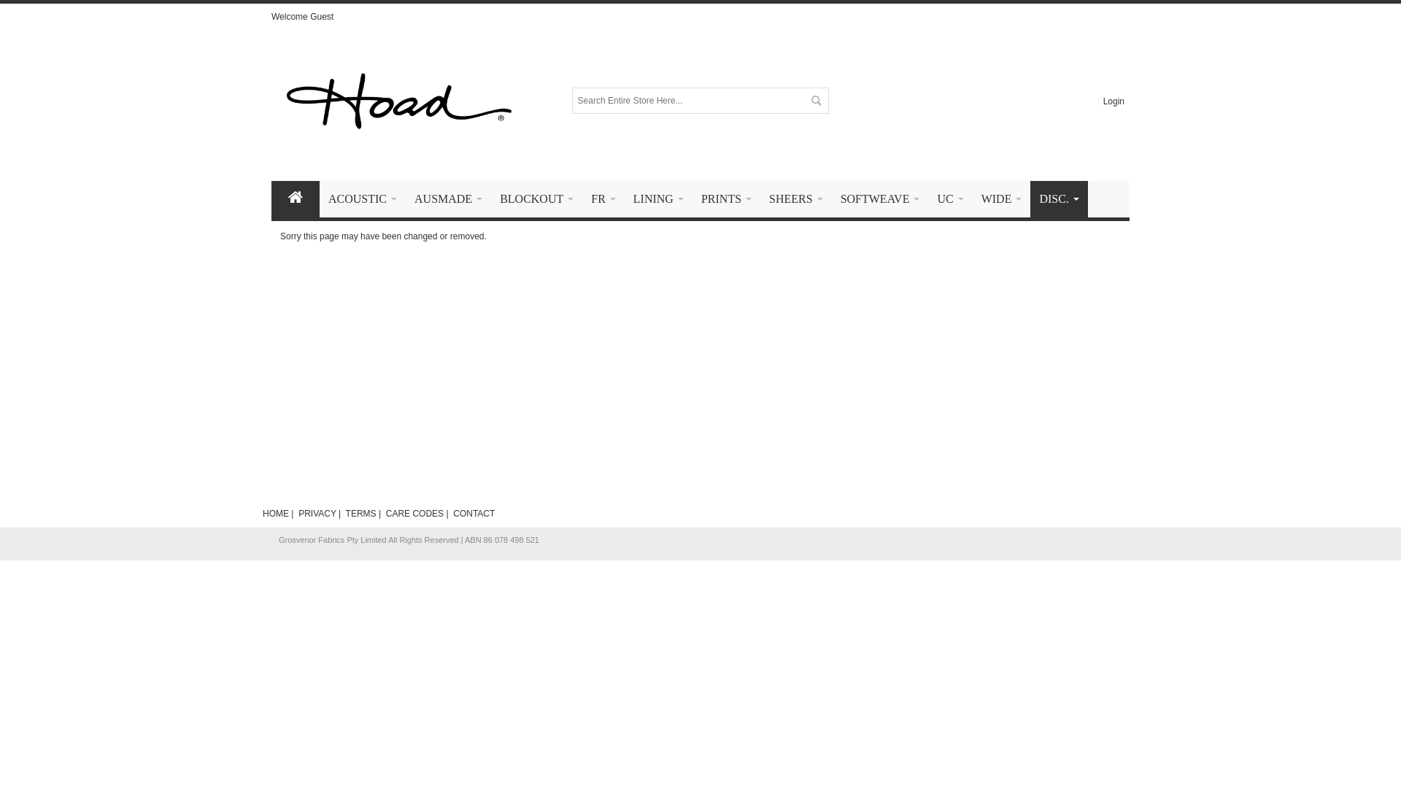 The width and height of the screenshot is (1401, 788). Describe the element at coordinates (1058, 199) in the screenshot. I see `'DISC.  '` at that location.